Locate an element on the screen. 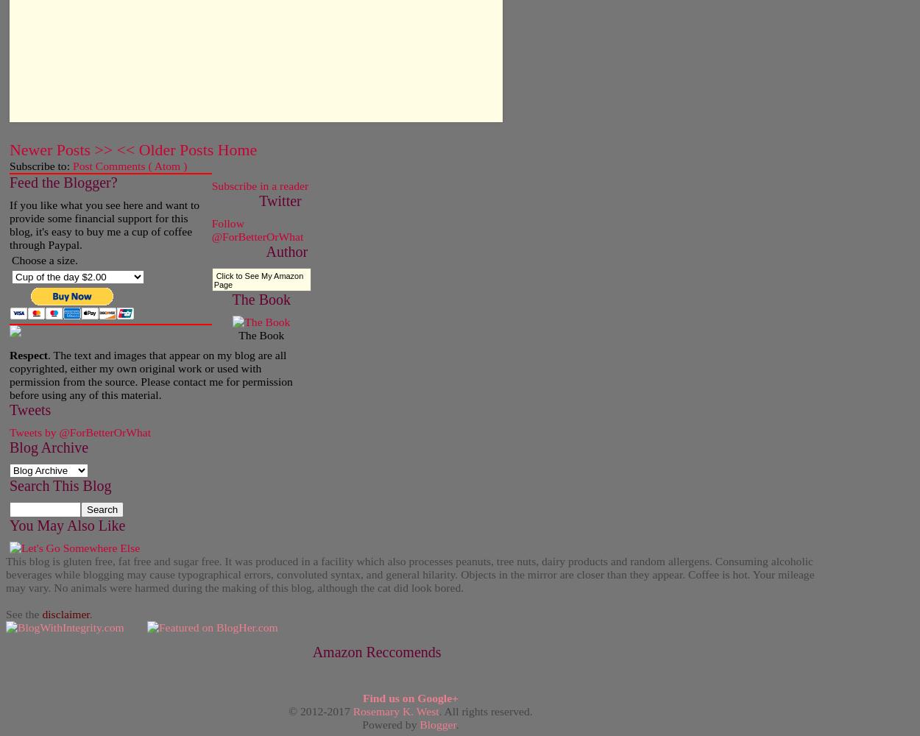 This screenshot has width=920, height=736. 'Blogger' is located at coordinates (436, 723).